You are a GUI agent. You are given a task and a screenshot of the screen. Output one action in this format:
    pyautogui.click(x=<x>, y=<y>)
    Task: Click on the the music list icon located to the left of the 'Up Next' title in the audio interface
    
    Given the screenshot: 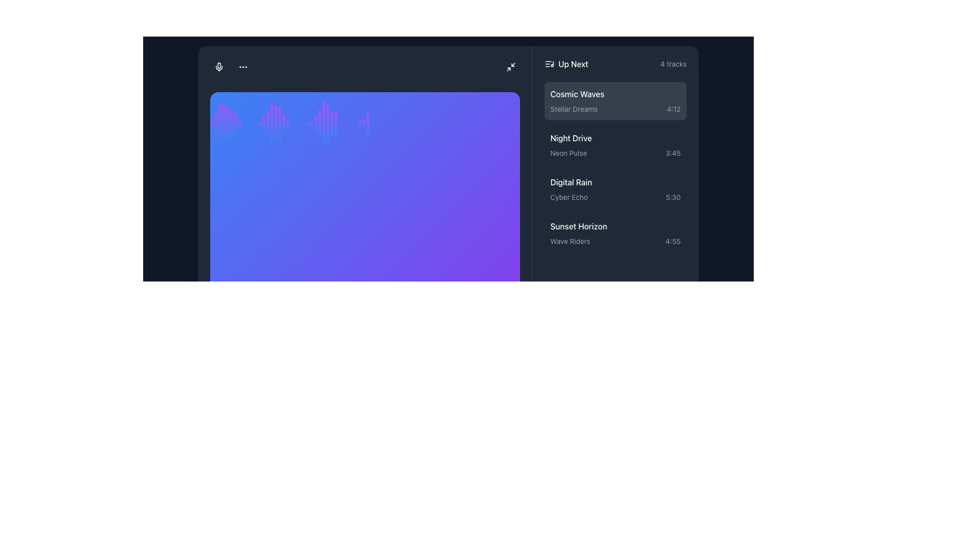 What is the action you would take?
    pyautogui.click(x=549, y=64)
    